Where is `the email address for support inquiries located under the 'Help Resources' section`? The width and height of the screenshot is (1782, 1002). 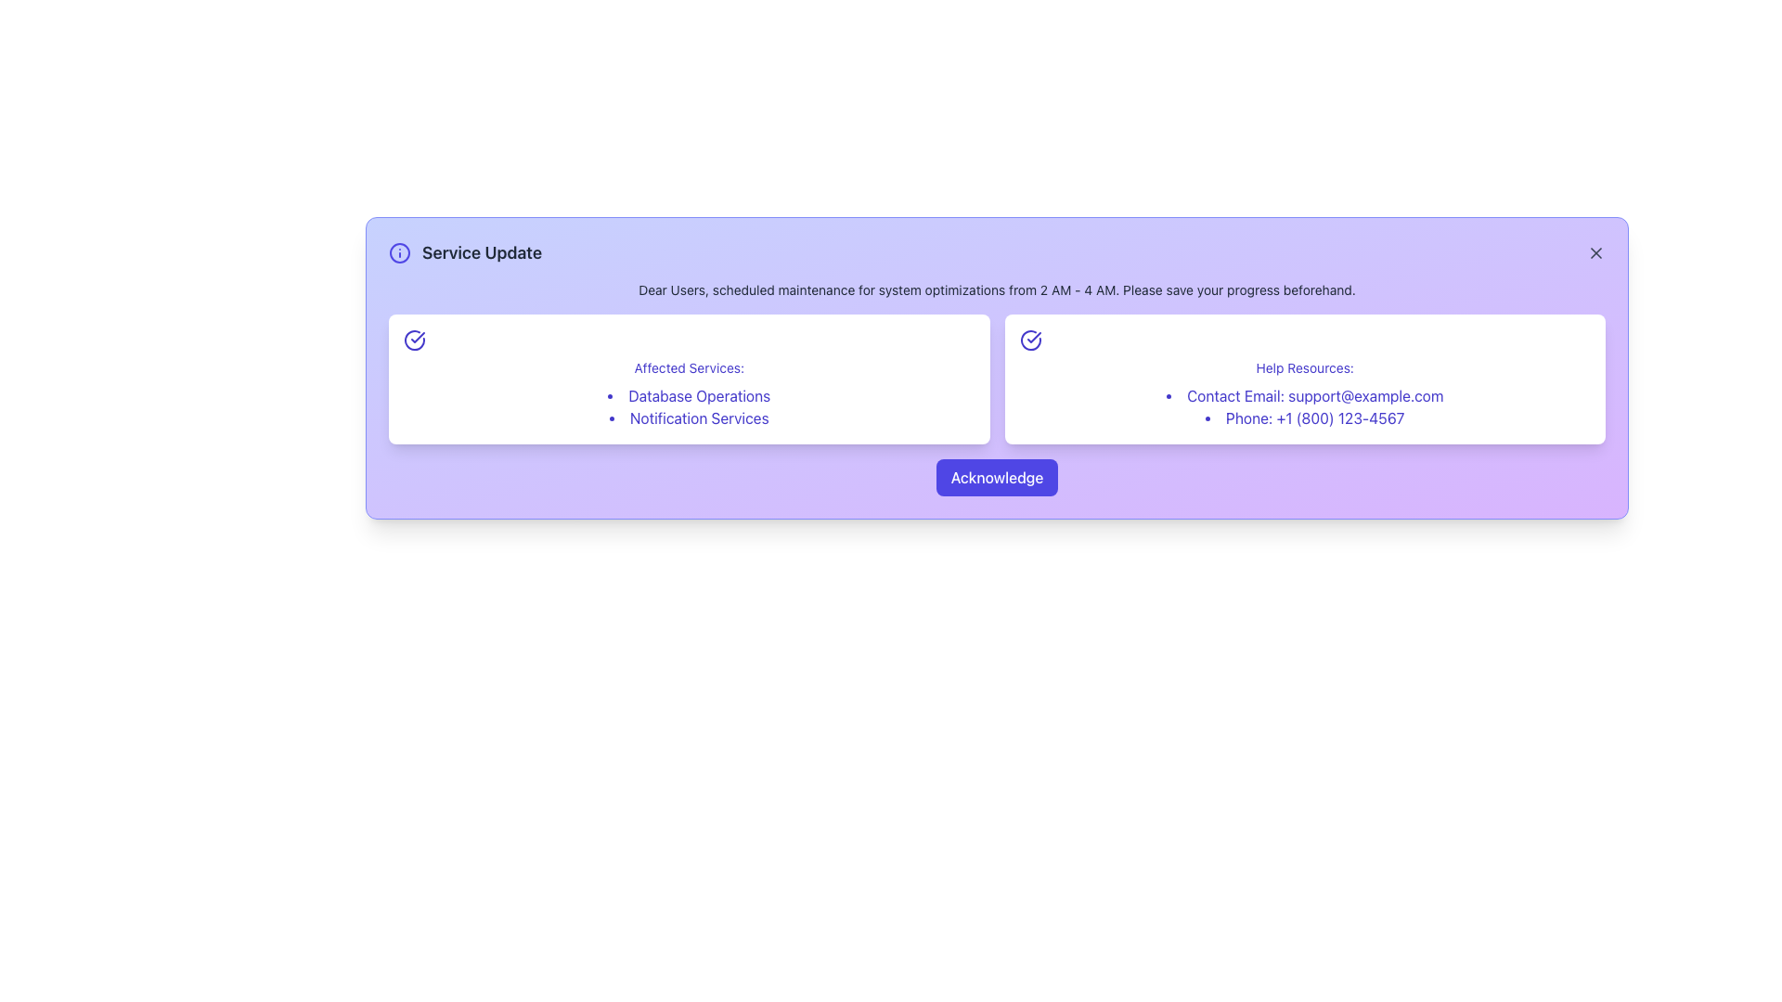
the email address for support inquiries located under the 'Help Resources' section is located at coordinates (1304, 395).